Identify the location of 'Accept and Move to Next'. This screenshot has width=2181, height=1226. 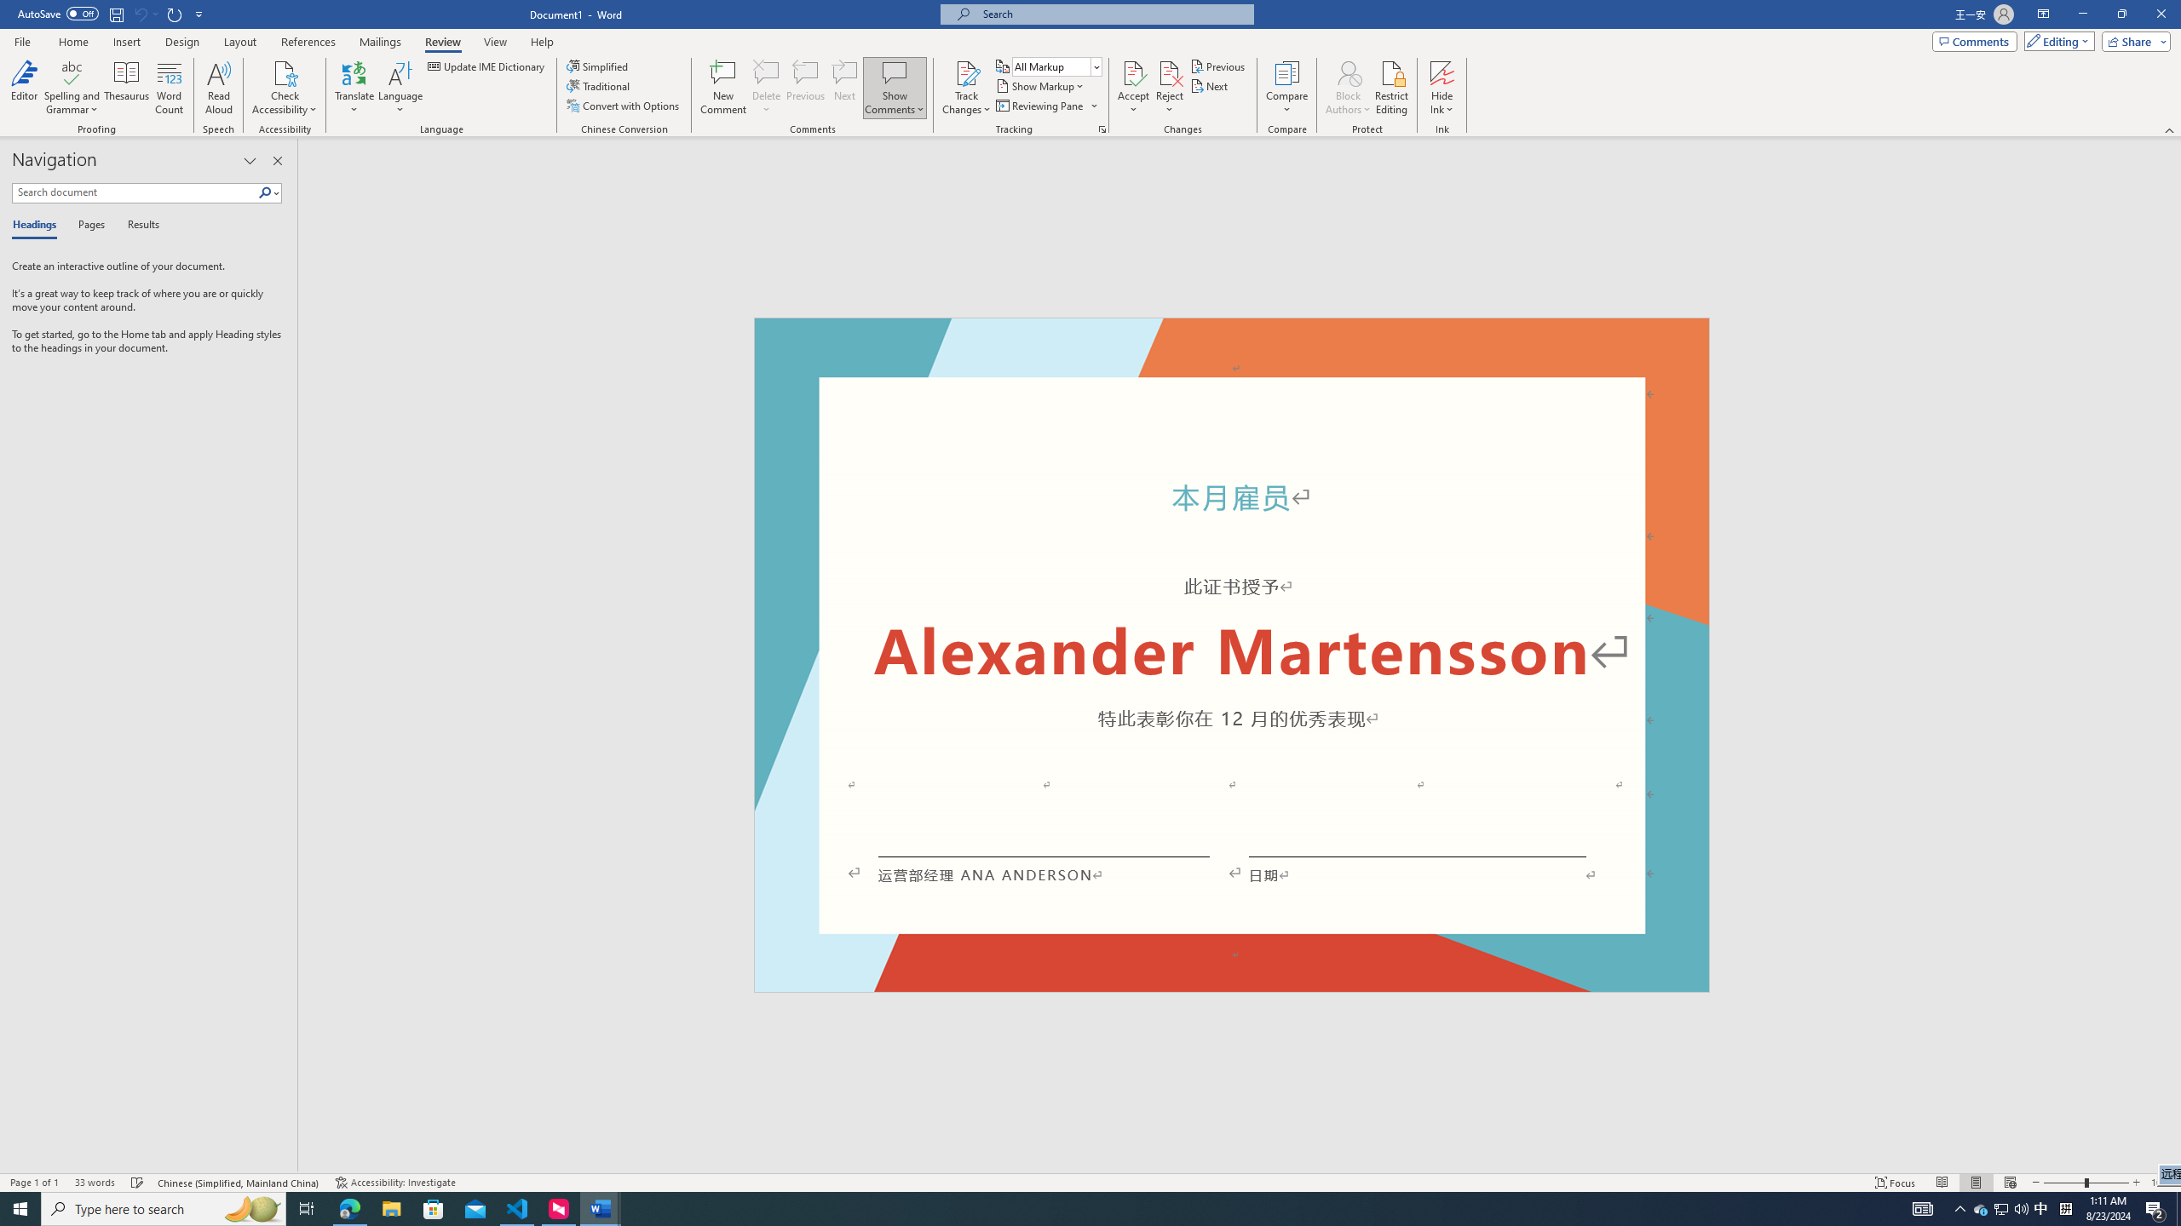
(1133, 72).